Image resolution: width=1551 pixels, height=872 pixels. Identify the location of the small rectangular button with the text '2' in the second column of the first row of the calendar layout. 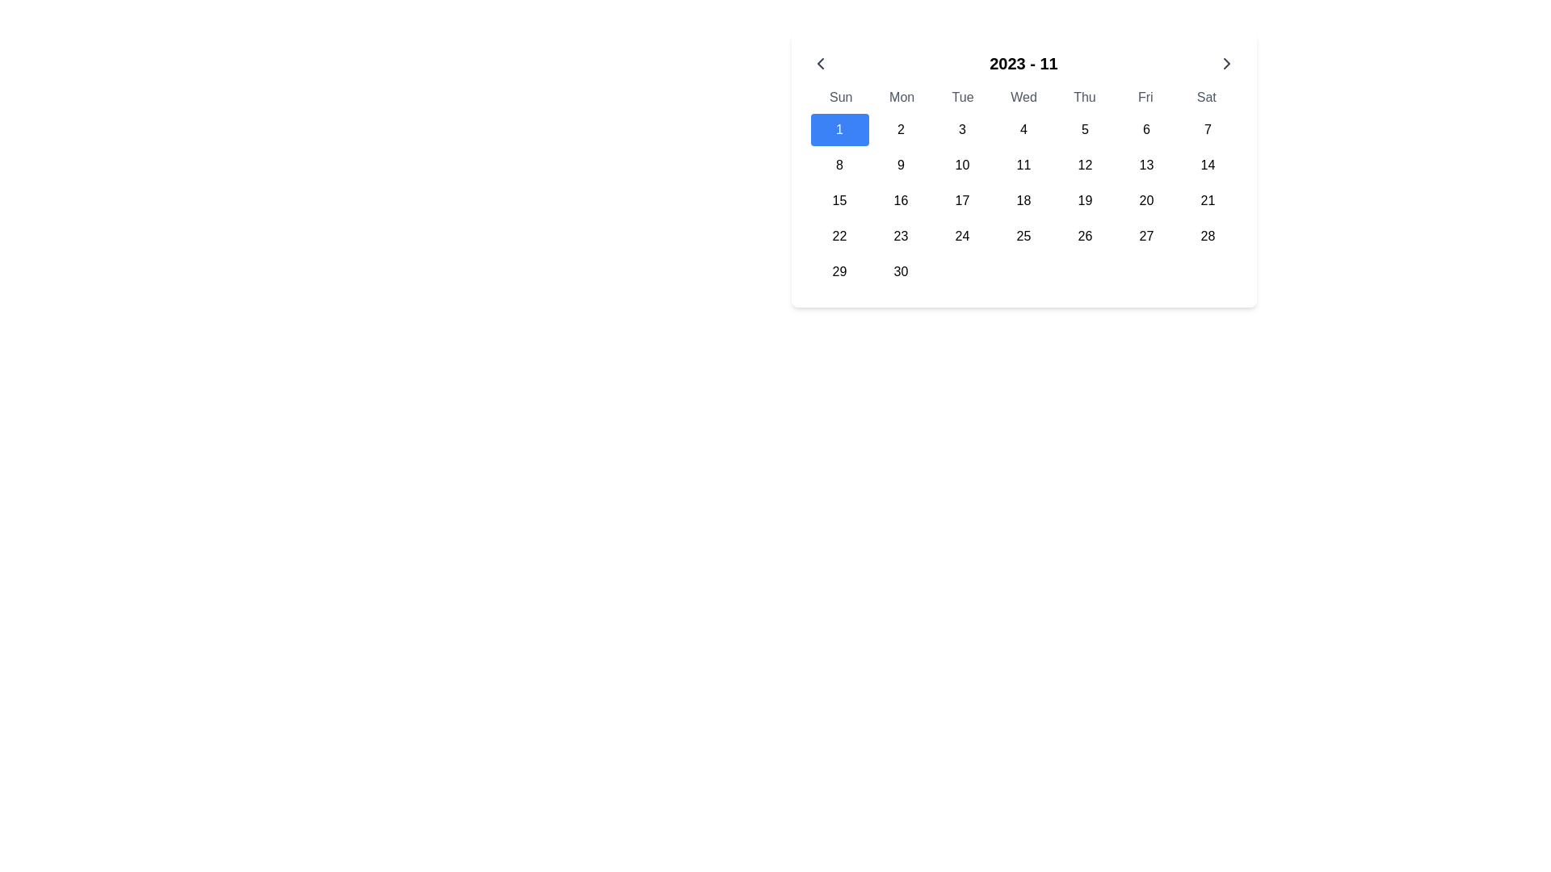
(900, 129).